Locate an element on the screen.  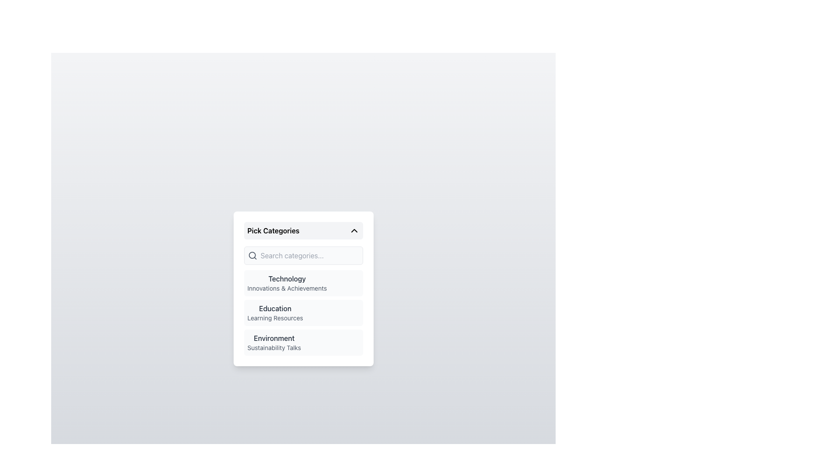
the text element displaying 'Environment' in a bold, dark gray font, which is positioned prominently above 'Sustainability Talks' within a modal titled 'Pick Categories.' is located at coordinates (273, 338).